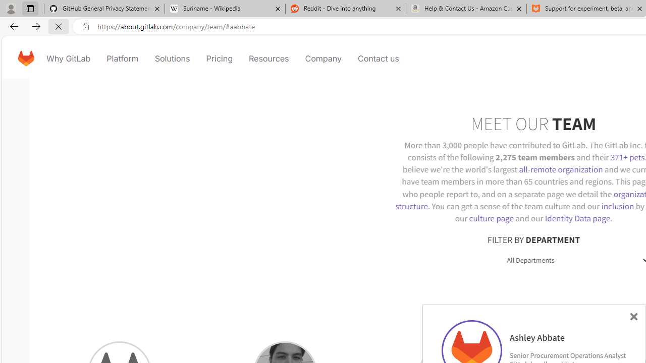 This screenshot has width=646, height=363. What do you see at coordinates (224, 9) in the screenshot?
I see `'Suriname - Wikipedia'` at bounding box center [224, 9].